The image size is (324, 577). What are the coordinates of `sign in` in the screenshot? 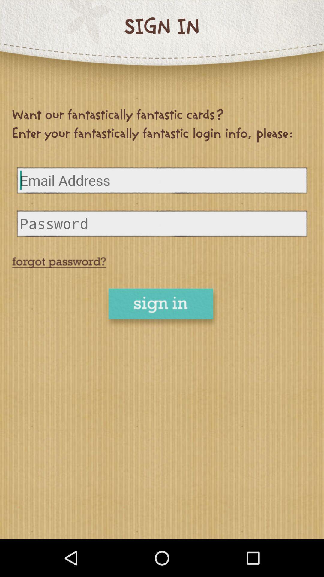 It's located at (162, 308).